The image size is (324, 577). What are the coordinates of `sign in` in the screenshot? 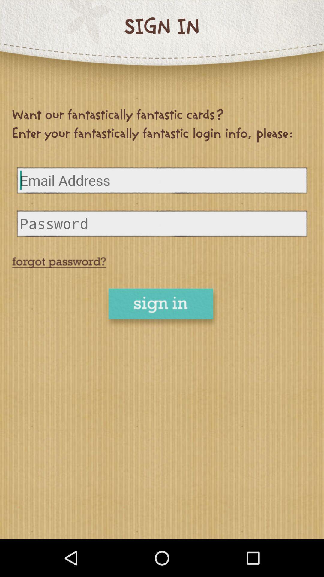 It's located at (162, 308).